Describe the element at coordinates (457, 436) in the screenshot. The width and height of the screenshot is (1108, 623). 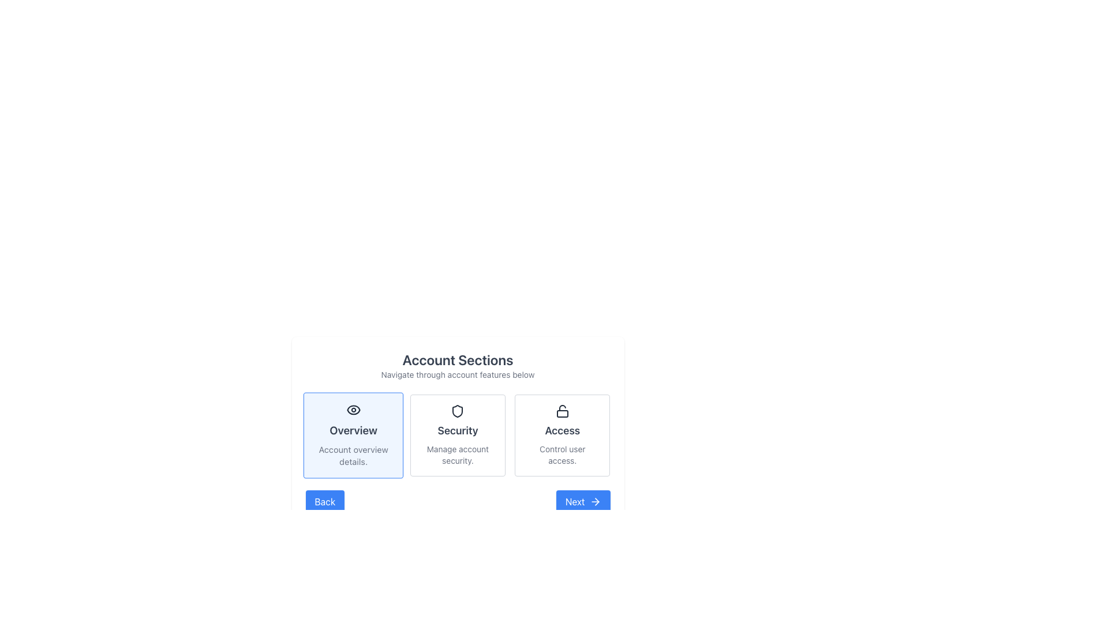
I see `the 'Security' card in the grid layout` at that location.